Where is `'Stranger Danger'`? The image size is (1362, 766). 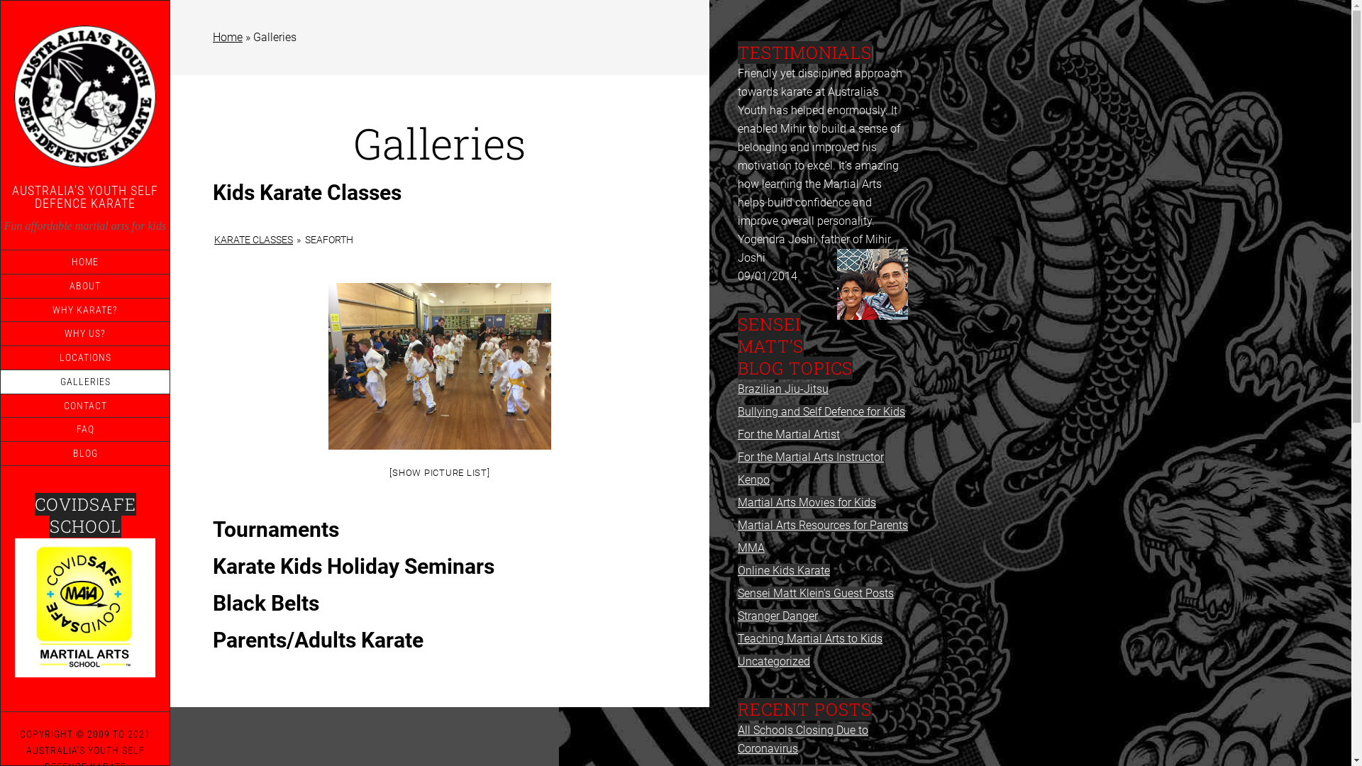 'Stranger Danger' is located at coordinates (777, 615).